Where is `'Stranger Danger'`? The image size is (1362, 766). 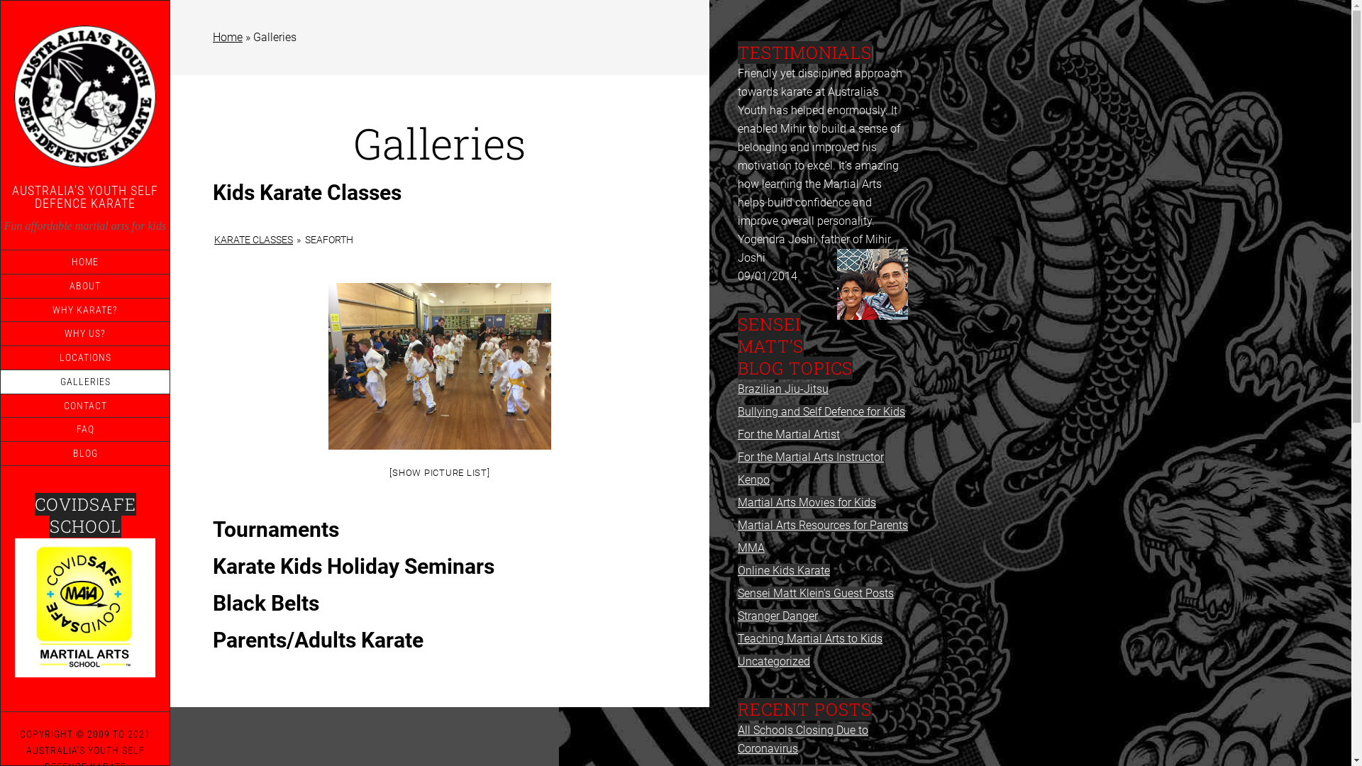 'Stranger Danger' is located at coordinates (777, 615).